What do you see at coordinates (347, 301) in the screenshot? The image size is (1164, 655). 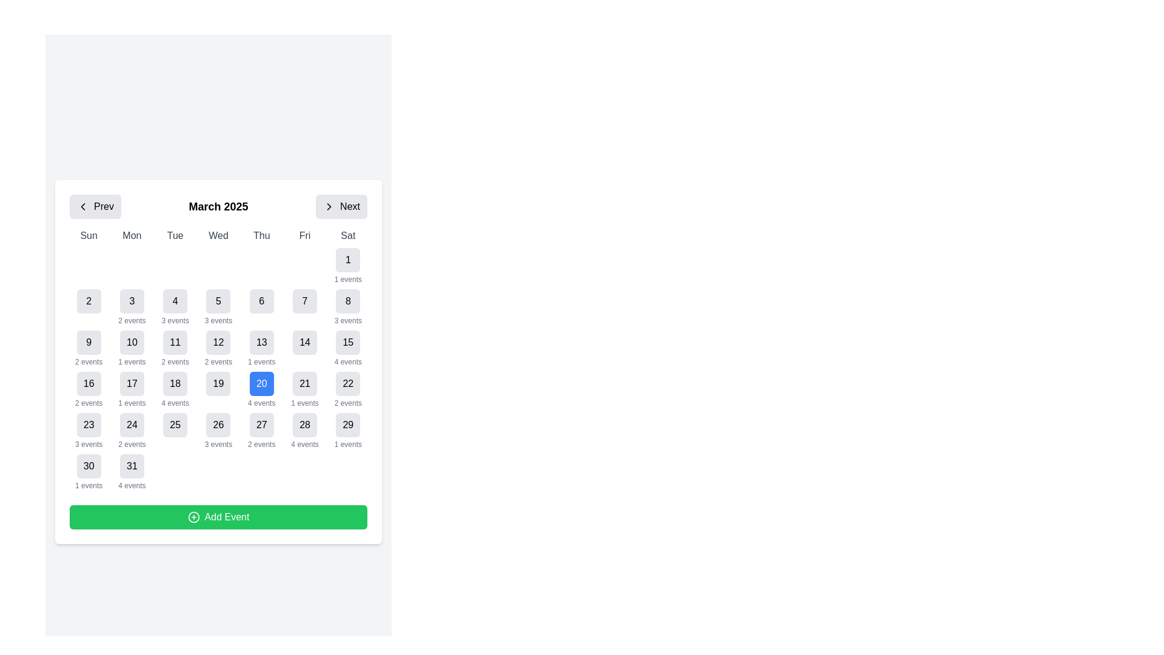 I see `the rounded square button containing the number '8'` at bounding box center [347, 301].